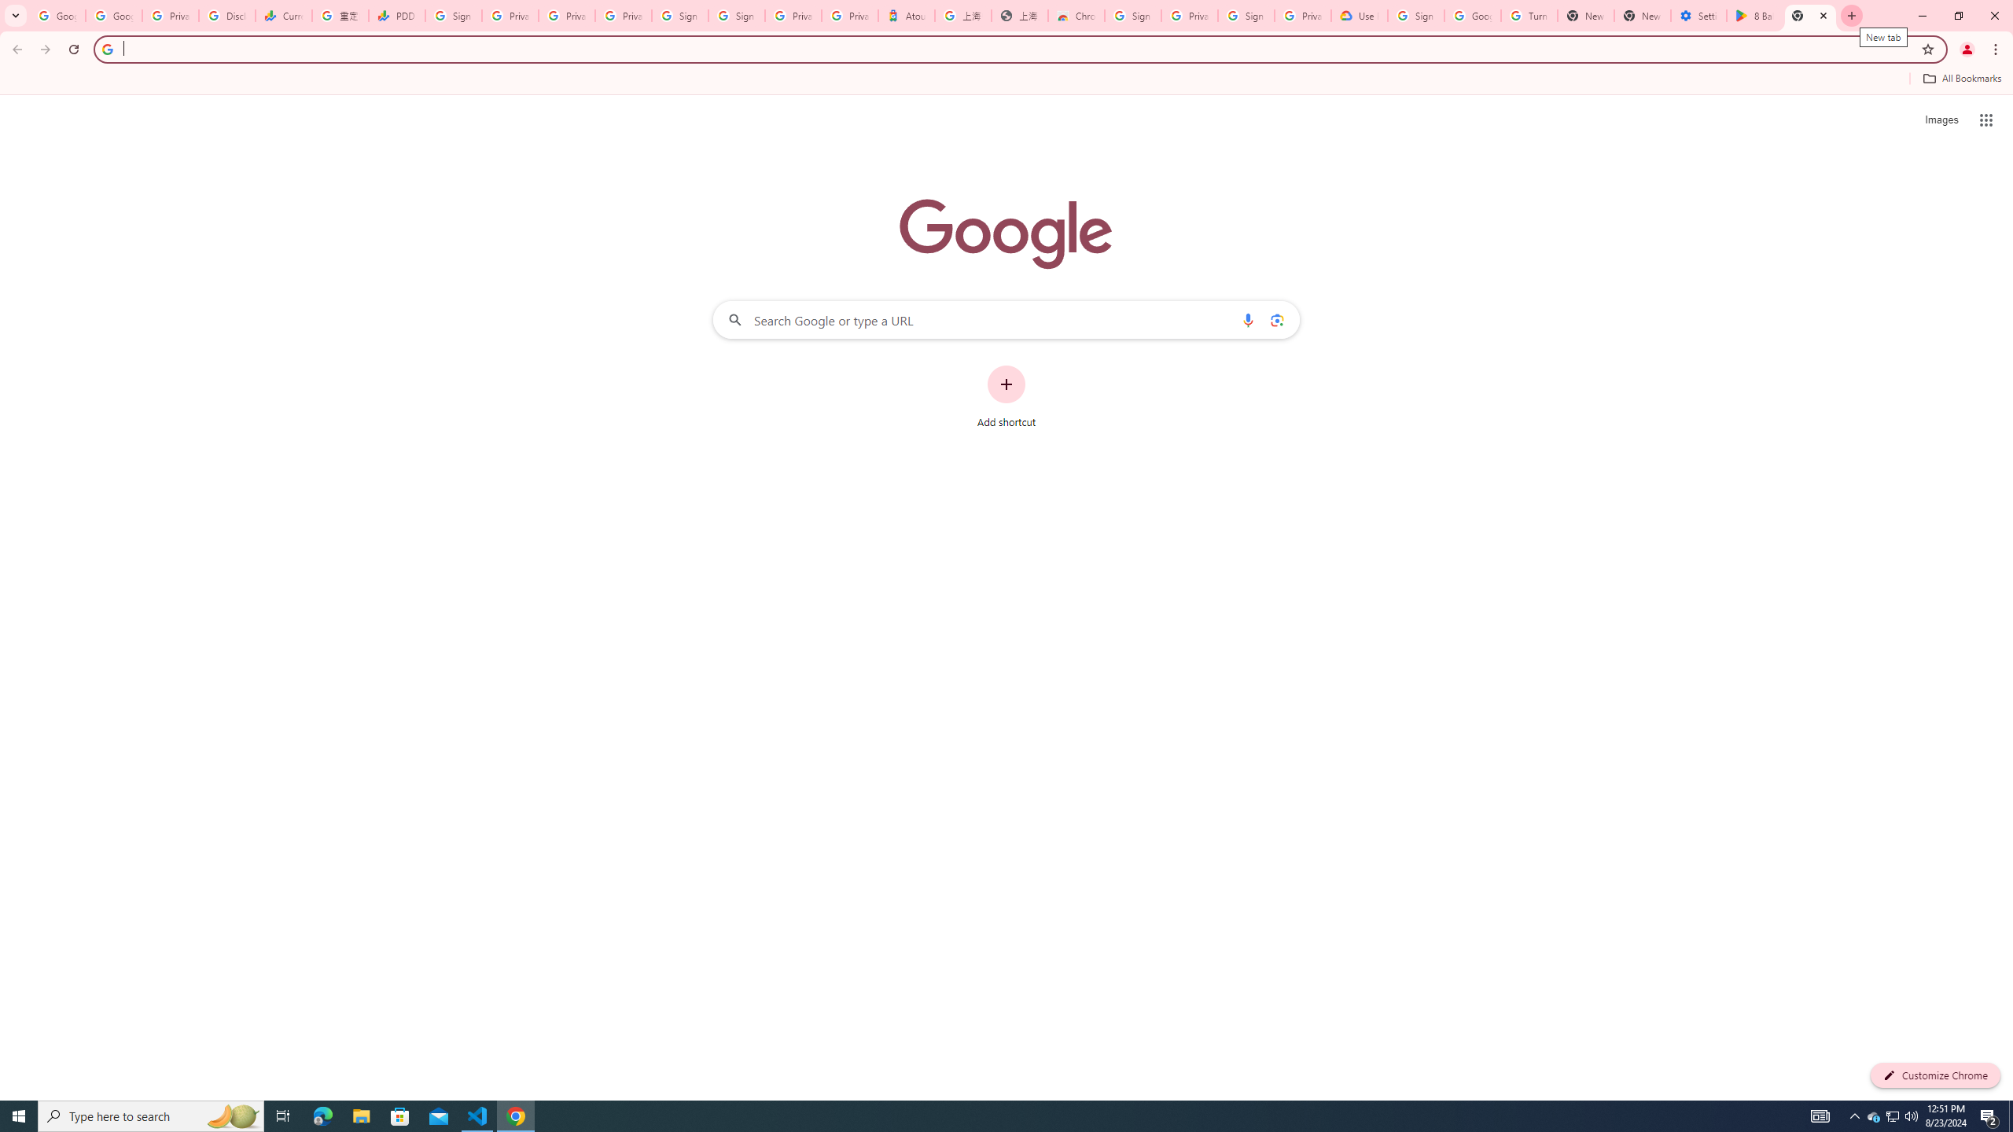 The image size is (2013, 1132). Describe the element at coordinates (679, 15) in the screenshot. I see `'Sign in - Google Accounts'` at that location.